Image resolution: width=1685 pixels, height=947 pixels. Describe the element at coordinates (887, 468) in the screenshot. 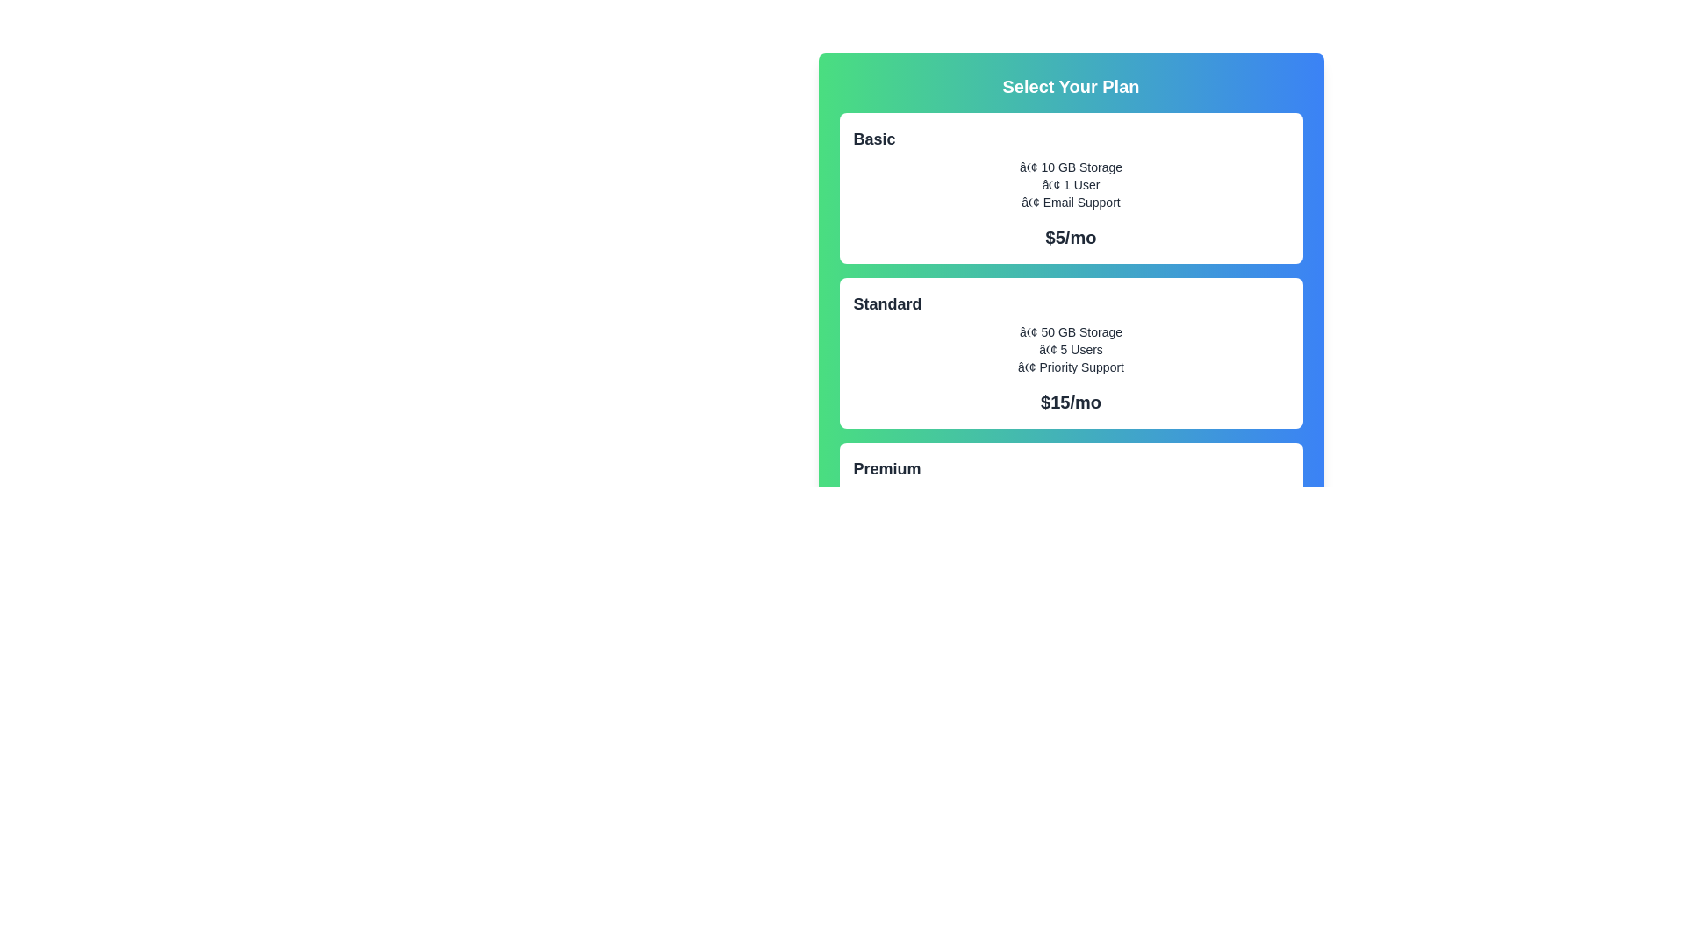

I see `the static text label indicating the 'Premium' option` at that location.